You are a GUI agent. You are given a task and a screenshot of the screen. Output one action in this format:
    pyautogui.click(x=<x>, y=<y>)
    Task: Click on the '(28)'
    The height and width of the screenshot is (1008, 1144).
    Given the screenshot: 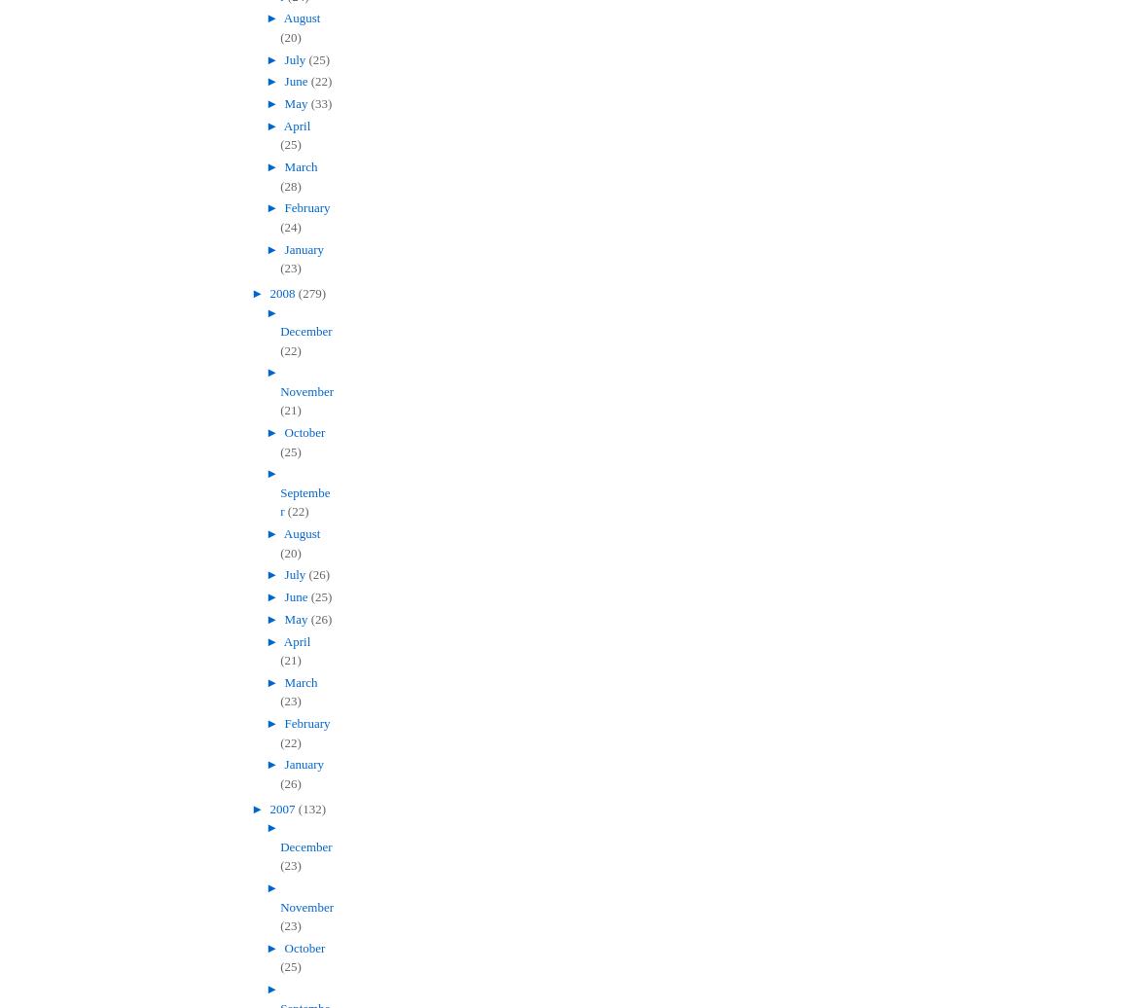 What is the action you would take?
    pyautogui.click(x=290, y=185)
    